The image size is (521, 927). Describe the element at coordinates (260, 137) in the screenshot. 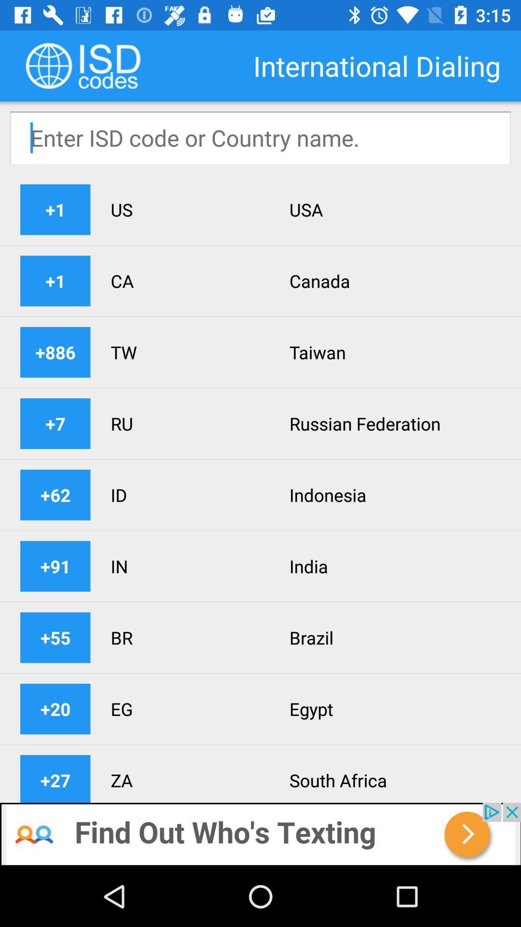

I see `isd code and country name field` at that location.